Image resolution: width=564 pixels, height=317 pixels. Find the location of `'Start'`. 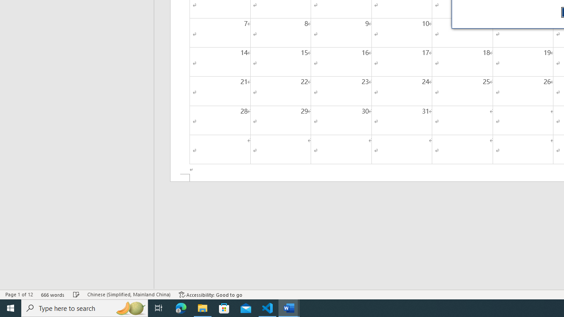

'Start' is located at coordinates (11, 307).